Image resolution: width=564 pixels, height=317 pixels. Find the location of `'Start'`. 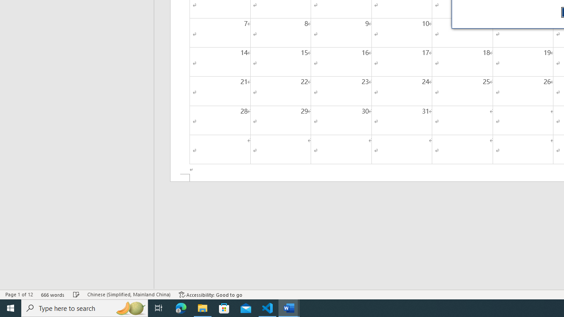

'Start' is located at coordinates (11, 307).